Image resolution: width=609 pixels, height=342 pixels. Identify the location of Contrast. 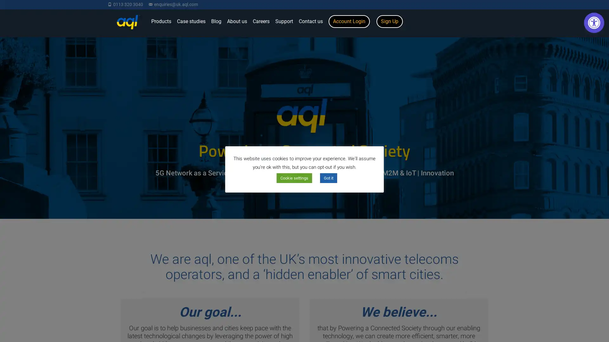
(553, 69).